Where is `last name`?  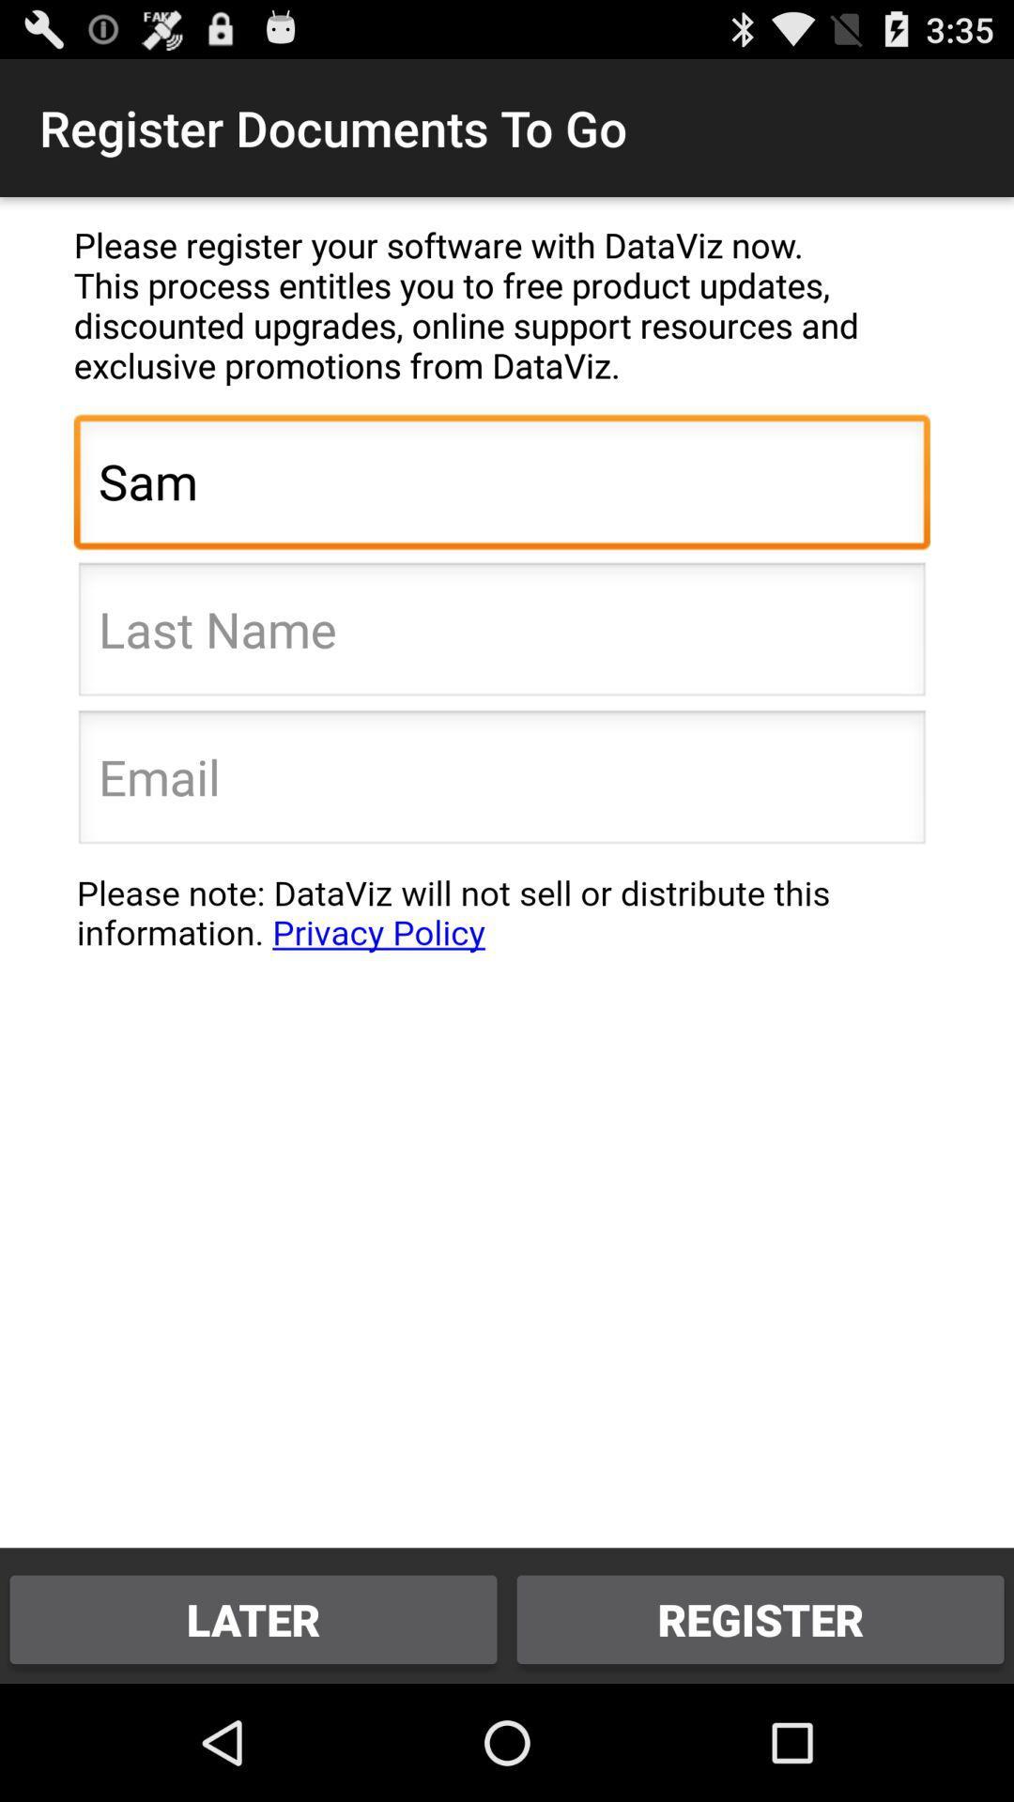
last name is located at coordinates (500, 634).